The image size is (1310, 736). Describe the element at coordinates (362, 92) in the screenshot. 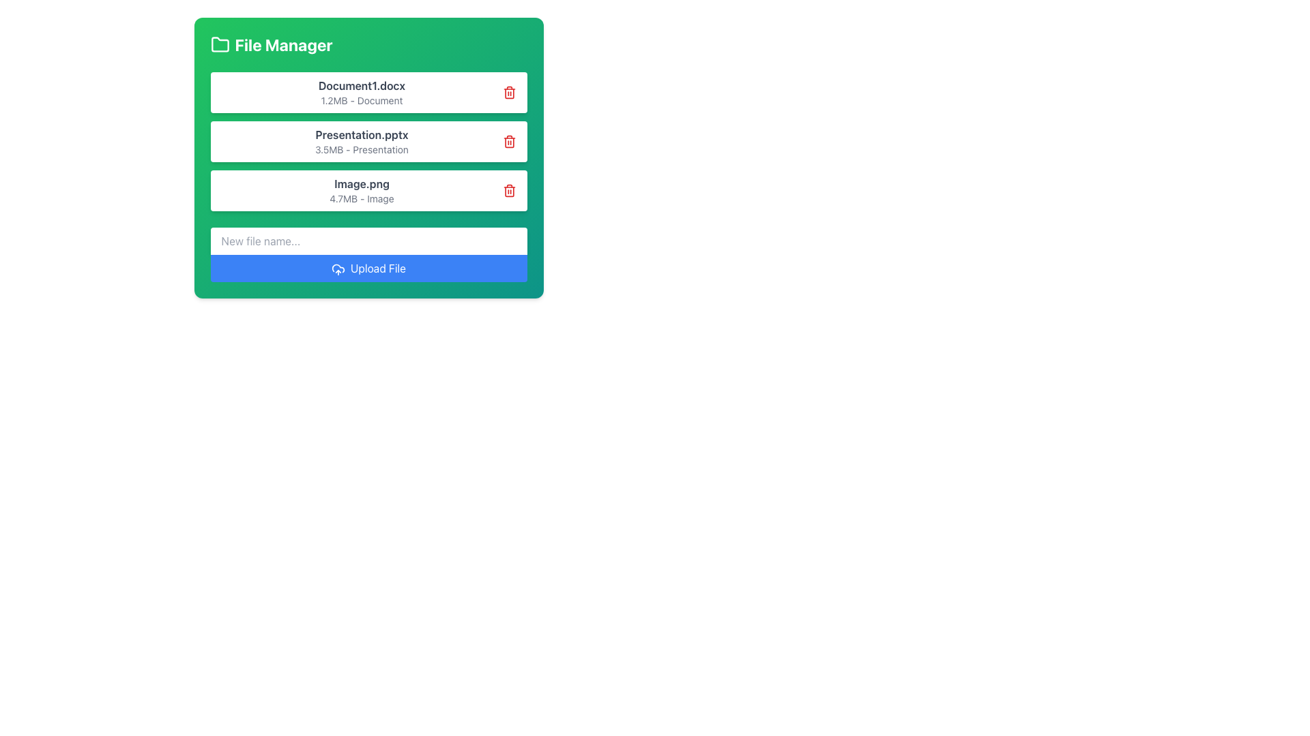

I see `the Text Label that provides information about the document, detailing its name, format, and size, located at the top of the list in the file manager interface` at that location.